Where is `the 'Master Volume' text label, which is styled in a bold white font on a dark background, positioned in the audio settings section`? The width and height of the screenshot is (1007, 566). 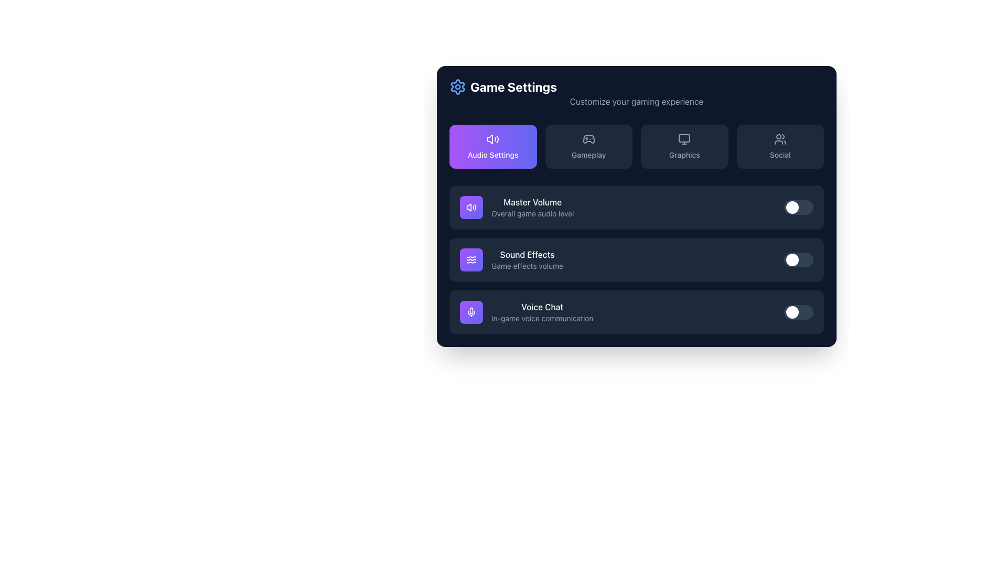 the 'Master Volume' text label, which is styled in a bold white font on a dark background, positioned in the audio settings section is located at coordinates (532, 202).